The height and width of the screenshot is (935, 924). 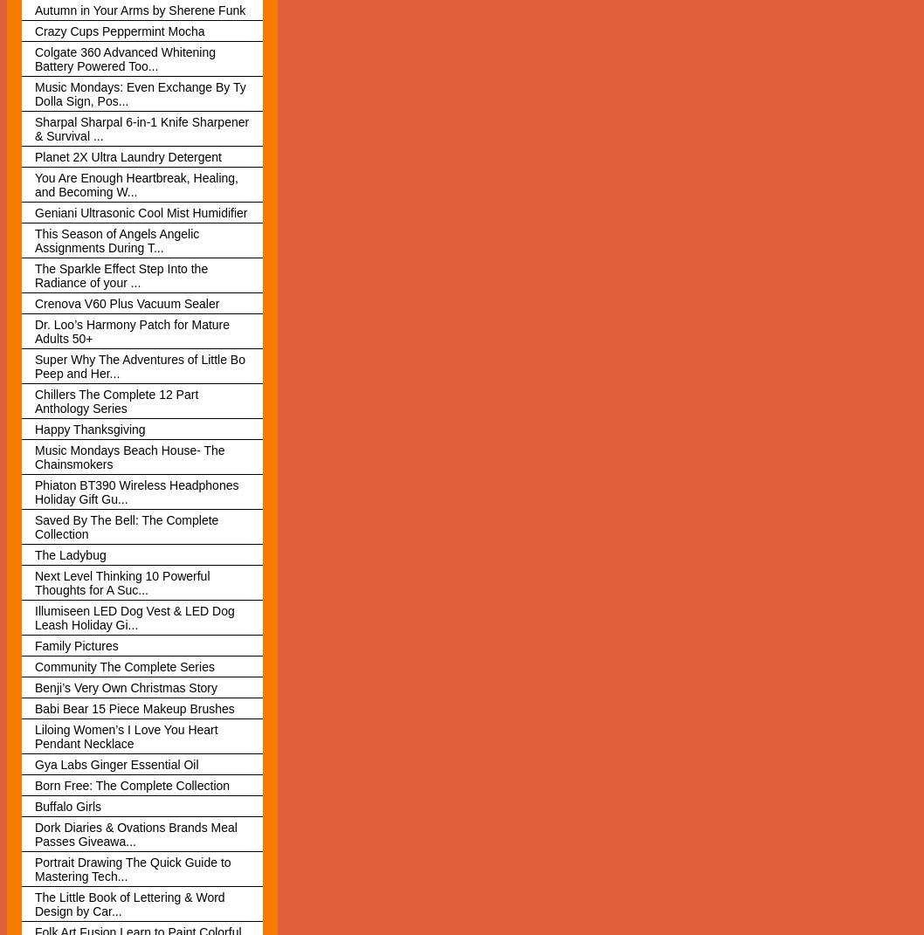 What do you see at coordinates (34, 182) in the screenshot?
I see `'You Are Enough Heartbreak, Healing, and Becoming W...'` at bounding box center [34, 182].